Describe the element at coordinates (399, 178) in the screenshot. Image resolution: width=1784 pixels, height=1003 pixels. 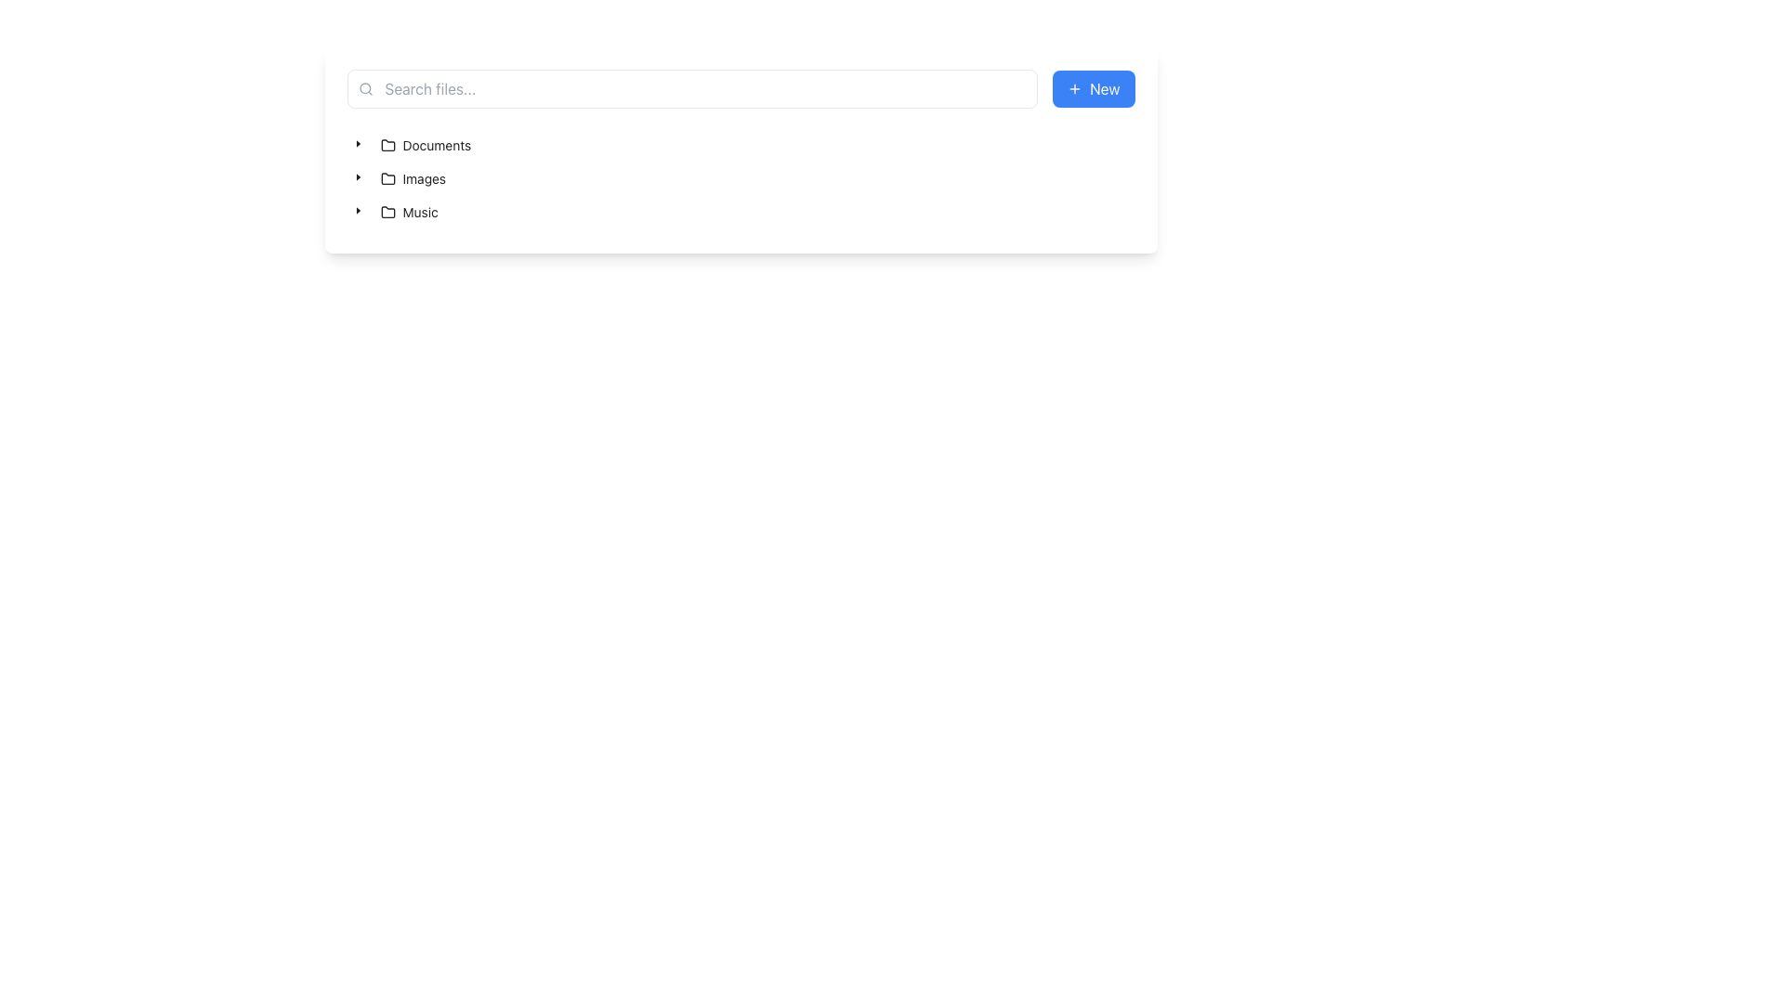
I see `the caret icon of the 'Images' folder node in the file tree structure` at that location.